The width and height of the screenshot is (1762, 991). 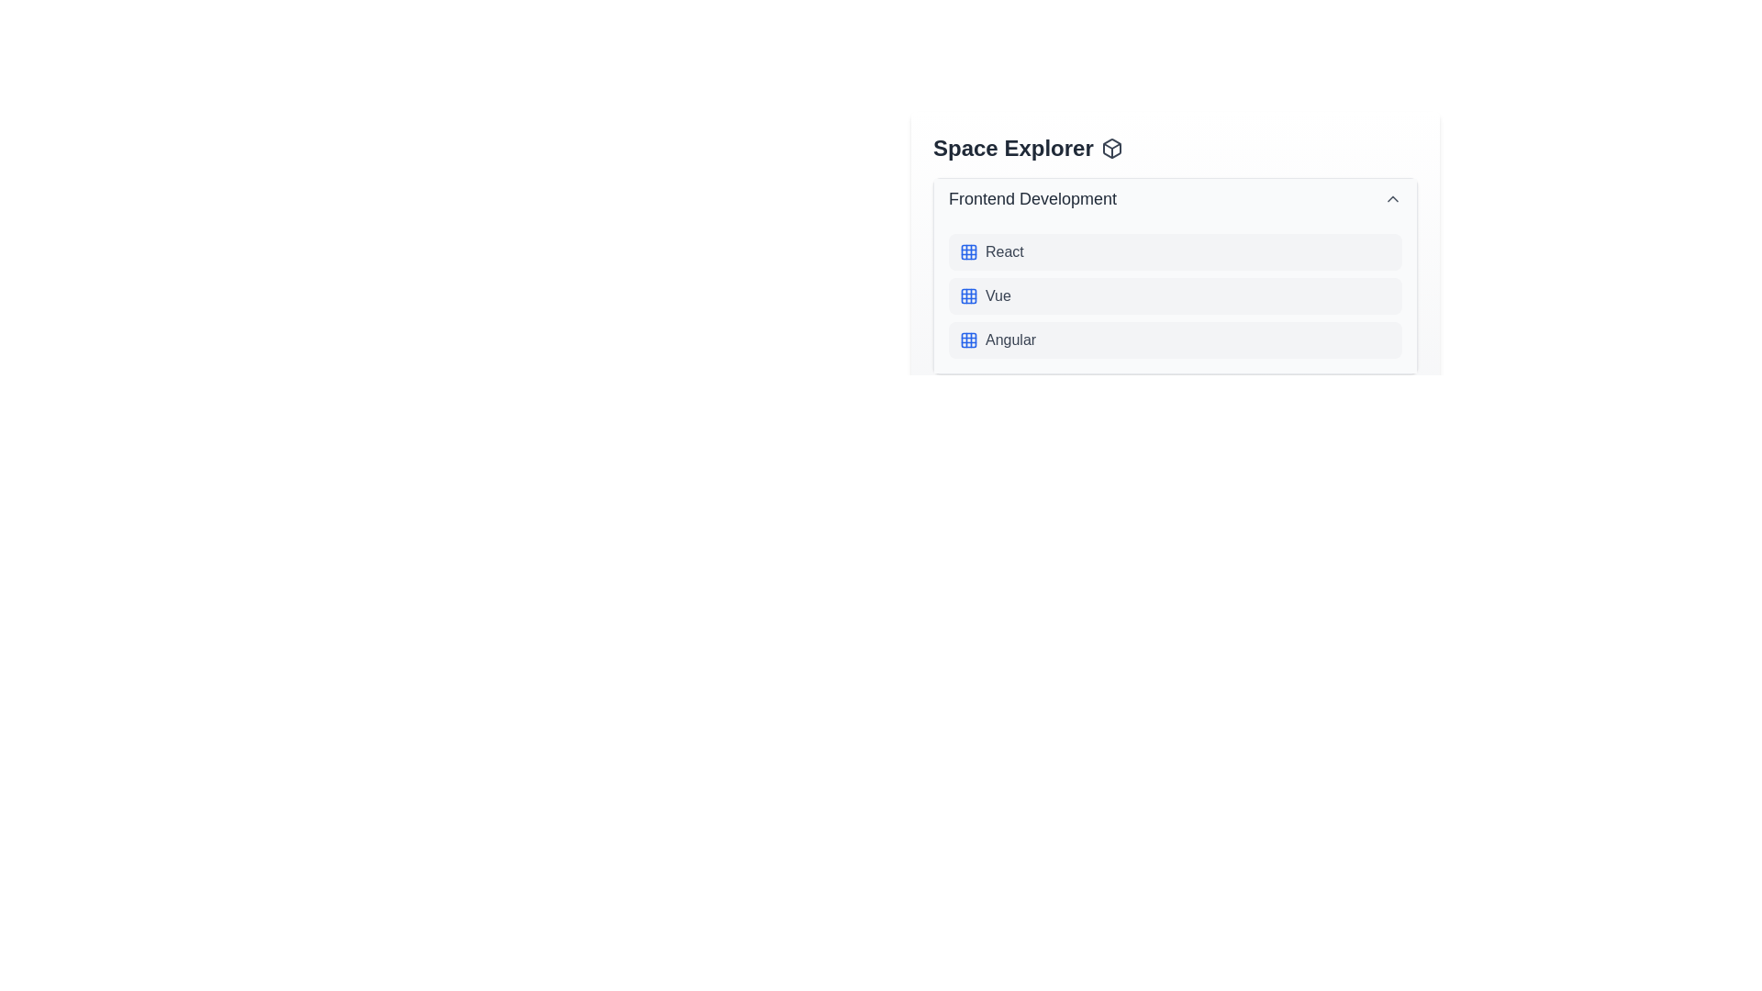 What do you see at coordinates (1032, 198) in the screenshot?
I see `the text label displaying 'Frontend Development' in a bold, large font with a dark gray color` at bounding box center [1032, 198].